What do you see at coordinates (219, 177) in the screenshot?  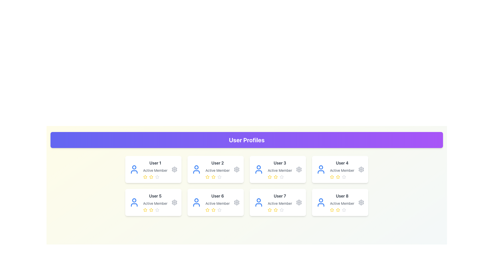 I see `the state of the fifth star icon in the horizontal rating component under 'User 2' in the 'User Profiles' section` at bounding box center [219, 177].